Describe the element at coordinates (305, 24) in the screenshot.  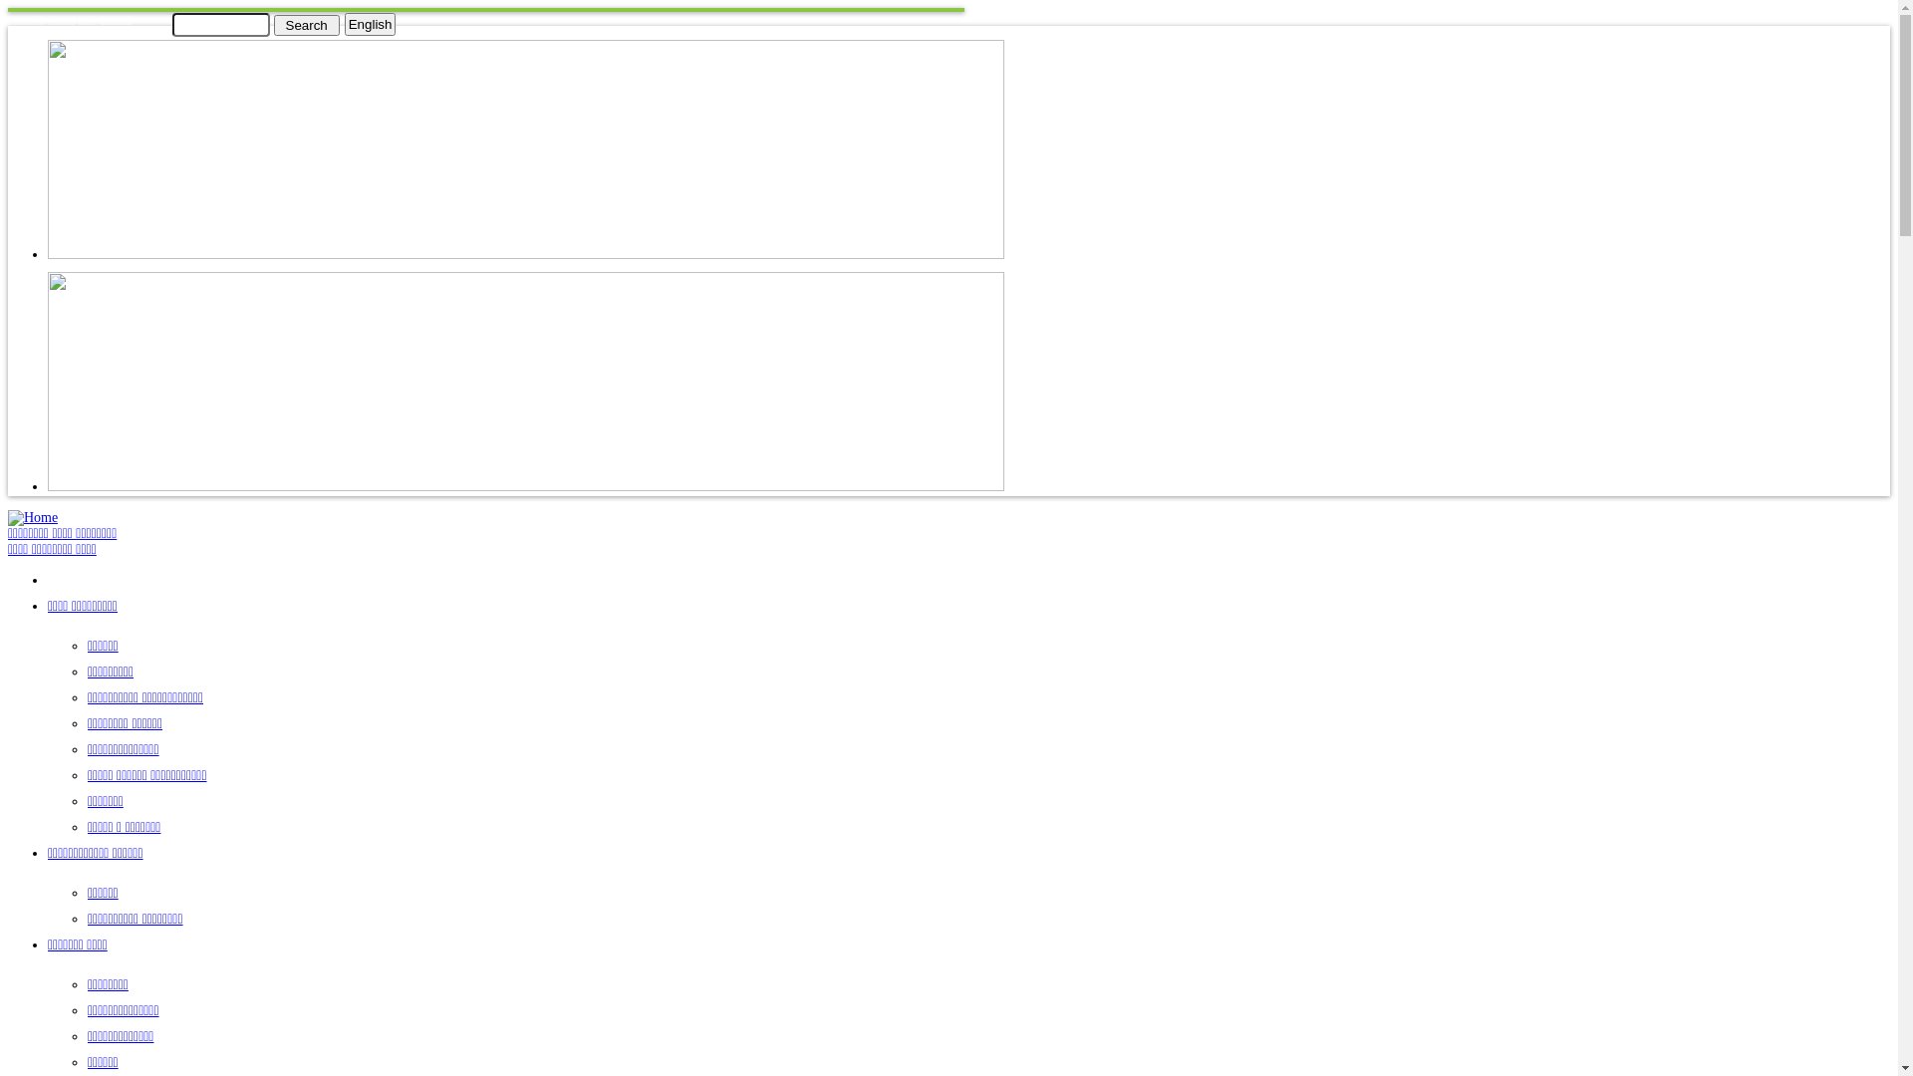
I see `'Search'` at that location.